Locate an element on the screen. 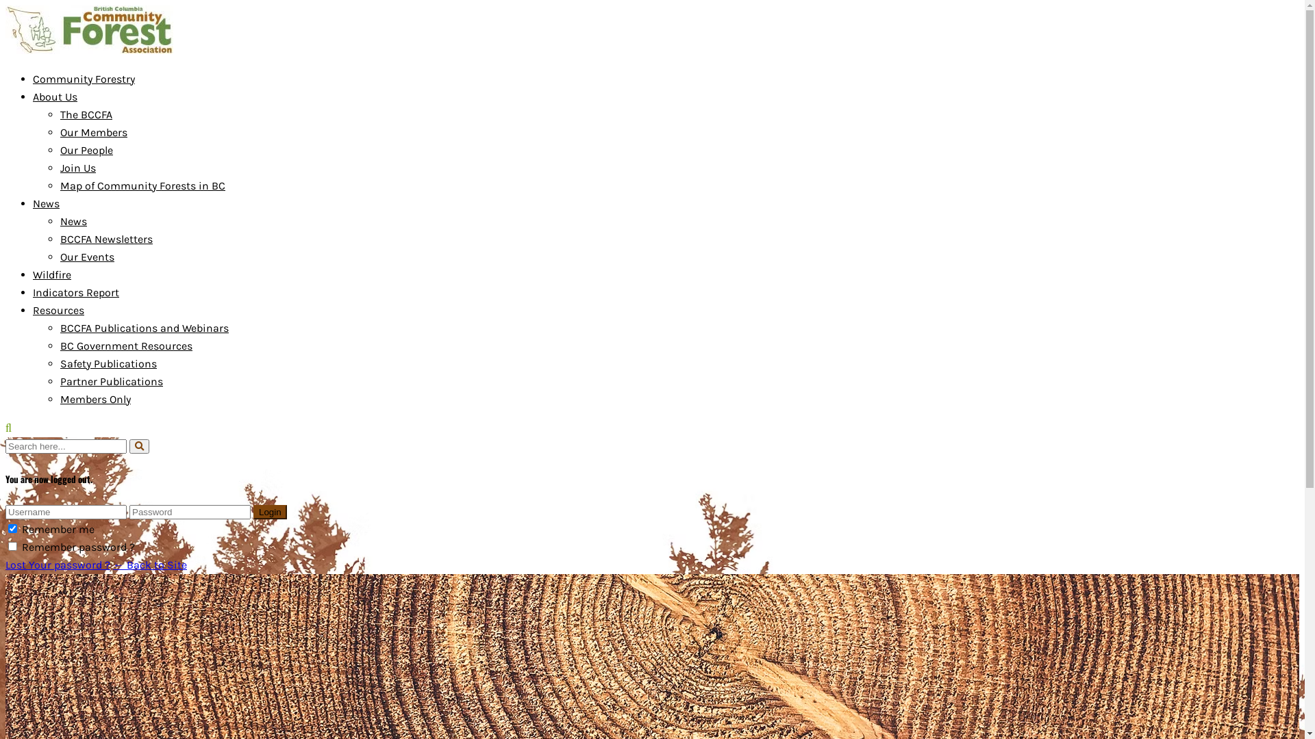  'Wildfire' is located at coordinates (52, 274).